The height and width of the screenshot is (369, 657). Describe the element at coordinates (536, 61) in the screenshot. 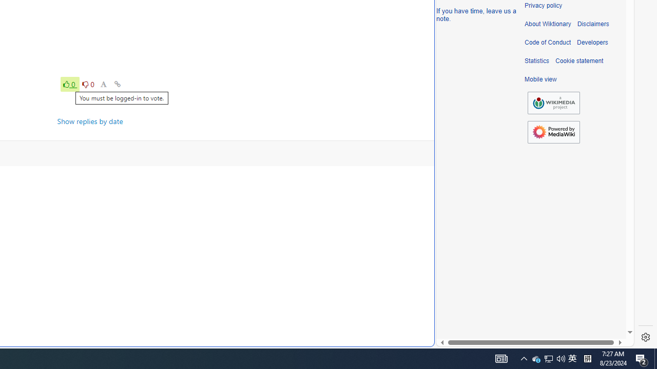

I see `'Statistics'` at that location.